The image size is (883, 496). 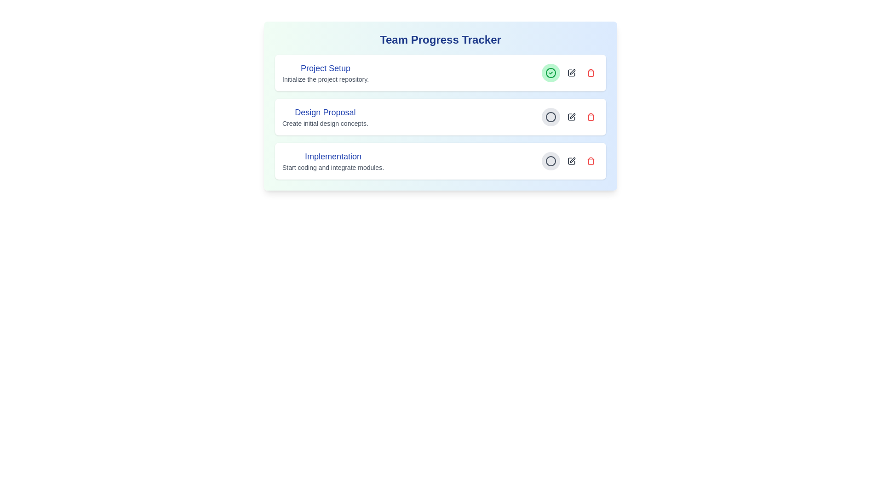 I want to click on the delete button for the task titled Implementation, so click(x=591, y=161).